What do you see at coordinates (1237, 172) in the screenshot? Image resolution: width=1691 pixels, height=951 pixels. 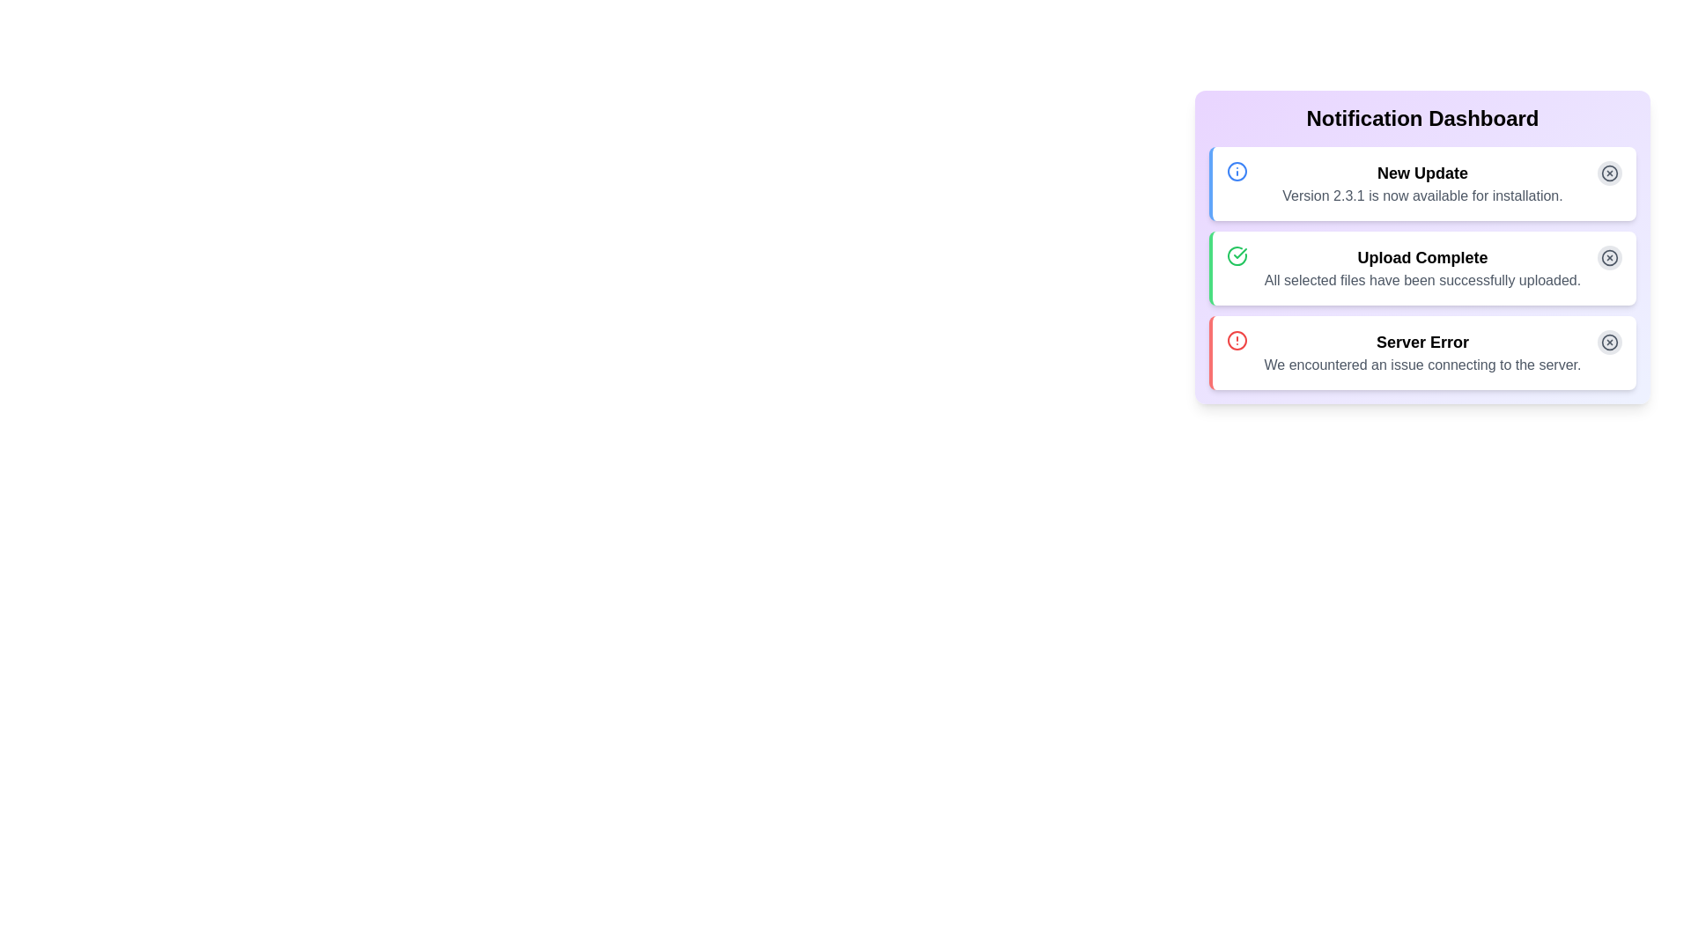 I see `the informational notification icon for the 'New Update' located within the notification card, positioned to the left of the notification title and description` at bounding box center [1237, 172].